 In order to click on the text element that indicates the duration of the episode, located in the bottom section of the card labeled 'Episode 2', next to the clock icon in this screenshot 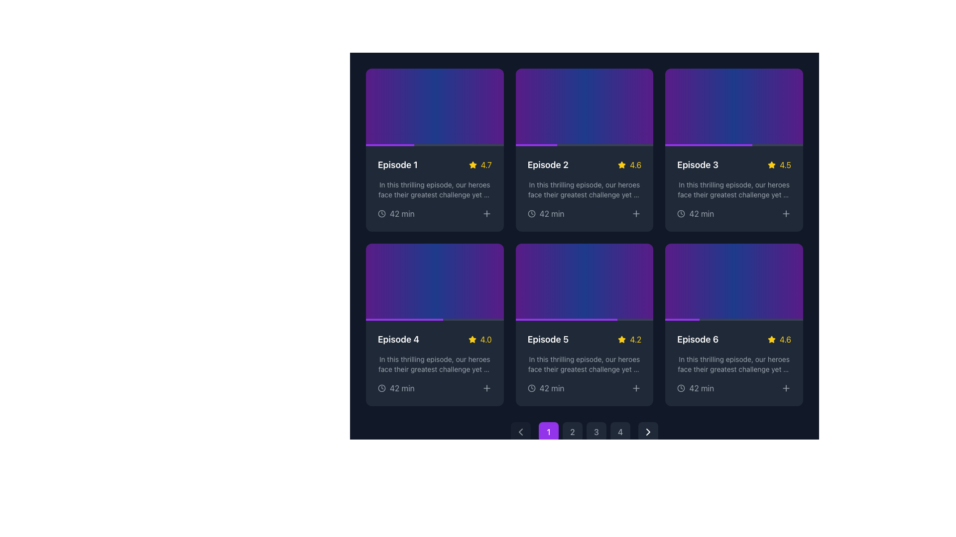, I will do `click(551, 213)`.